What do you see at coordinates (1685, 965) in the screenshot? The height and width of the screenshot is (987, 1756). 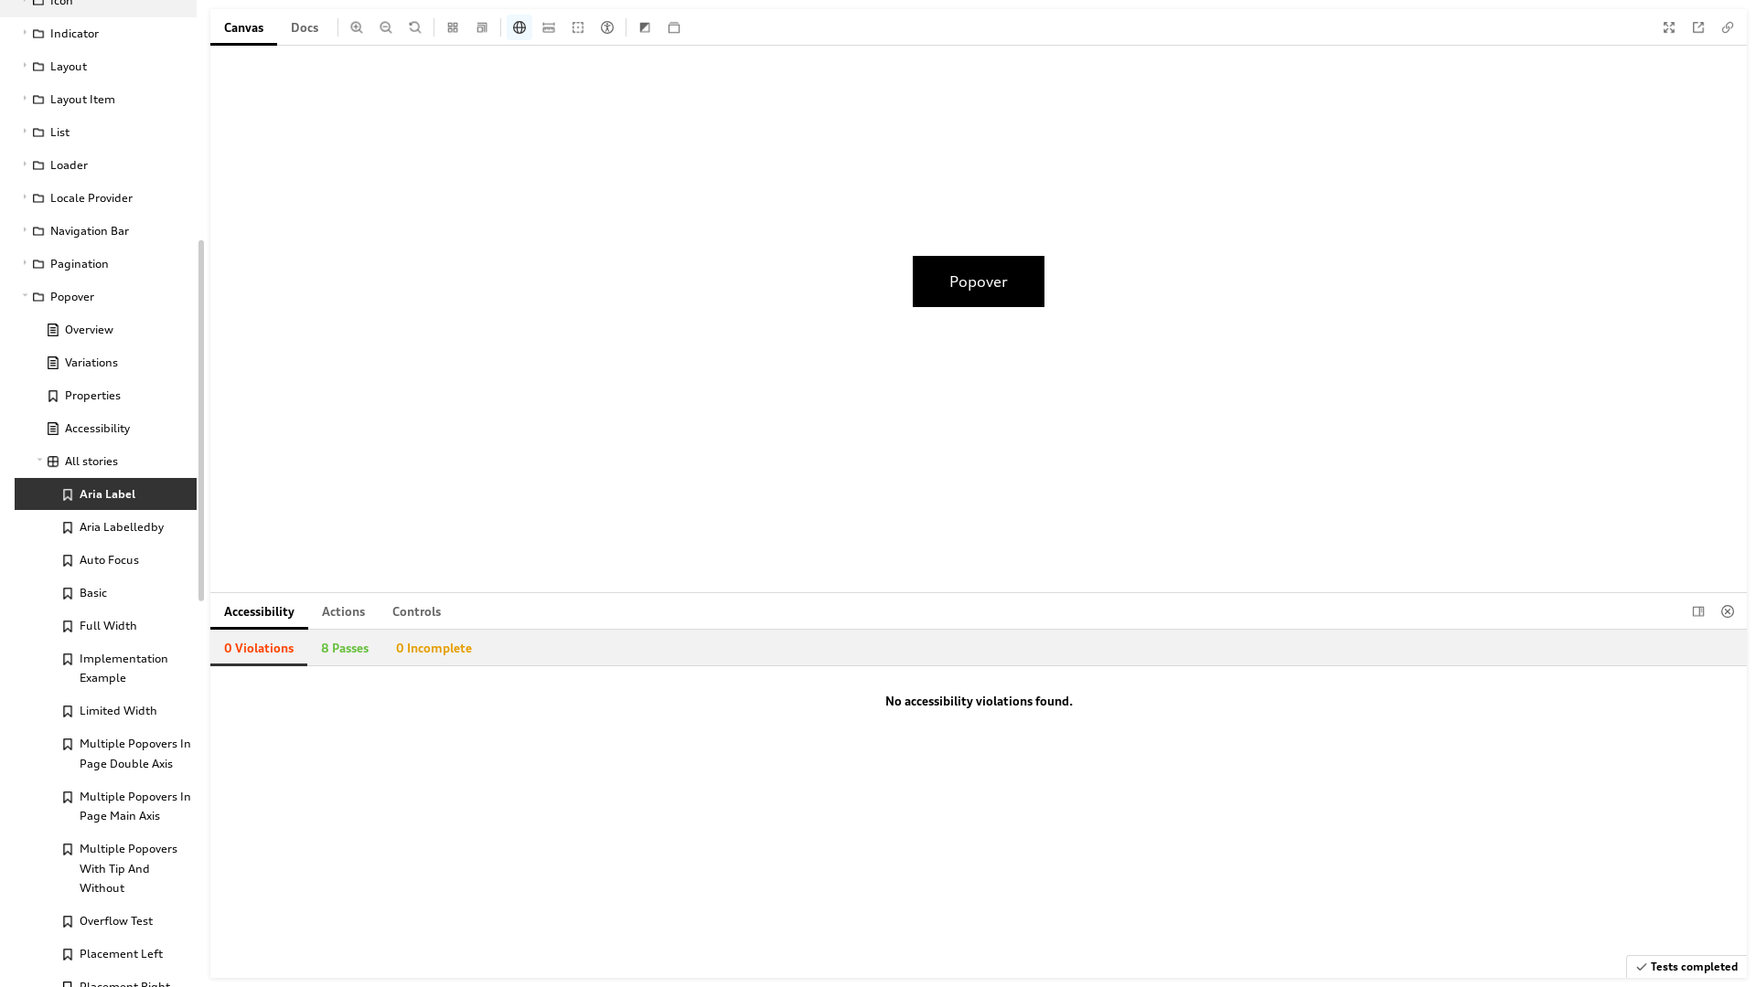 I see `'Tests completed'` at bounding box center [1685, 965].